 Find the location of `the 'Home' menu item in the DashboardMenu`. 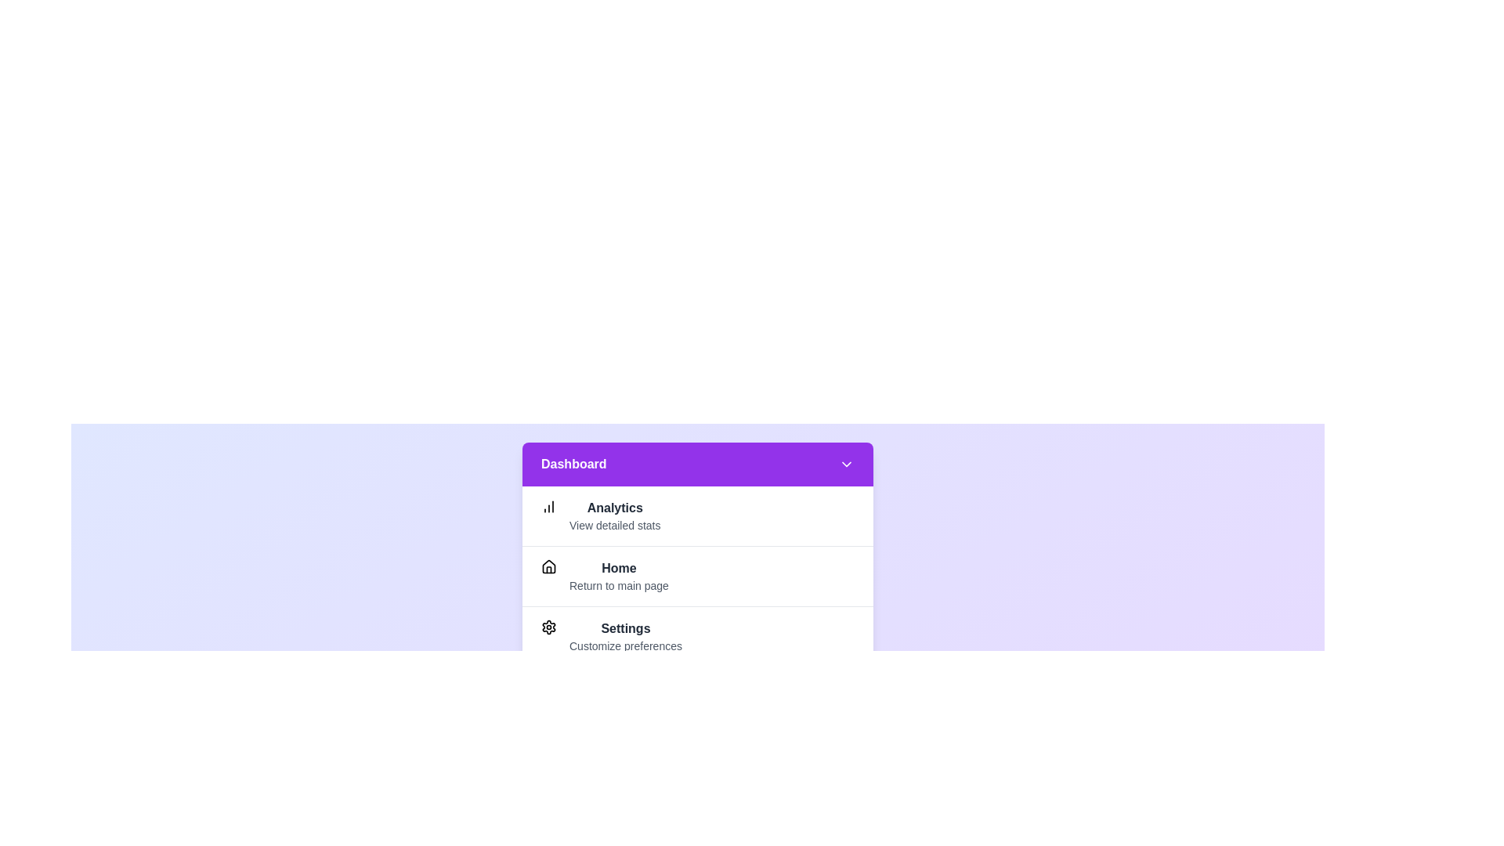

the 'Home' menu item in the DashboardMenu is located at coordinates (618, 568).